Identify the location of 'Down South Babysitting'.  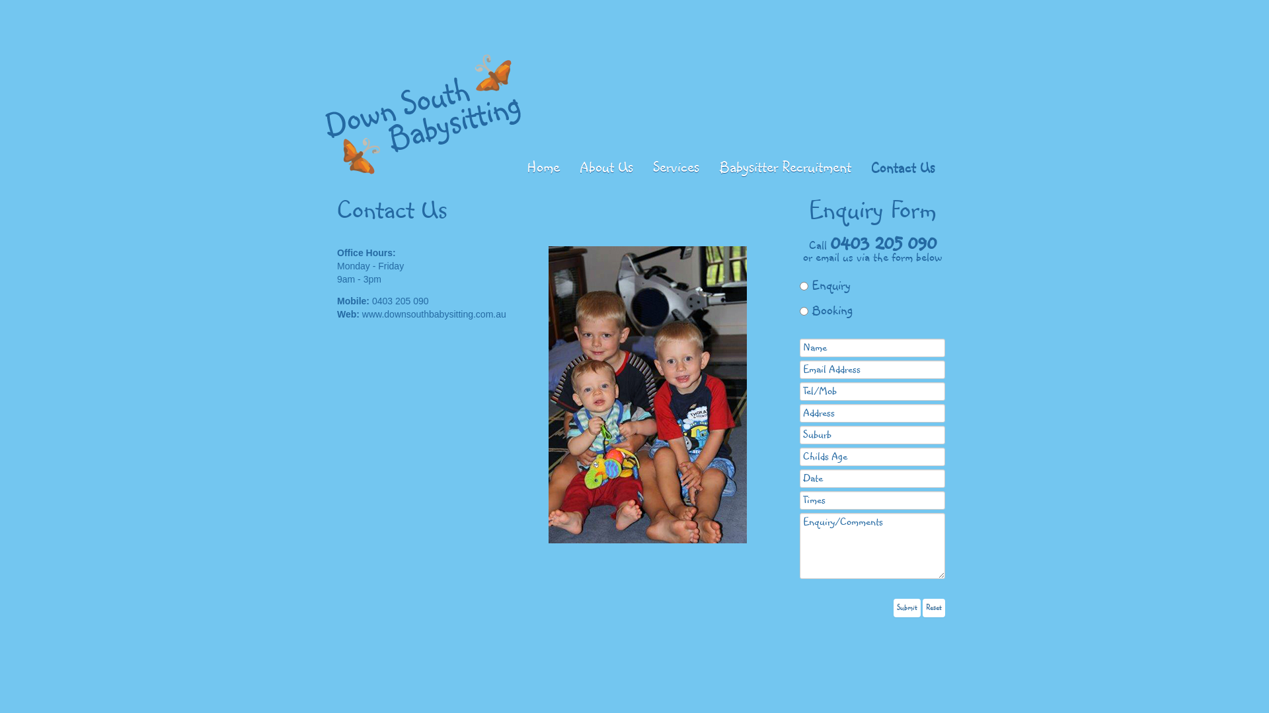
(423, 113).